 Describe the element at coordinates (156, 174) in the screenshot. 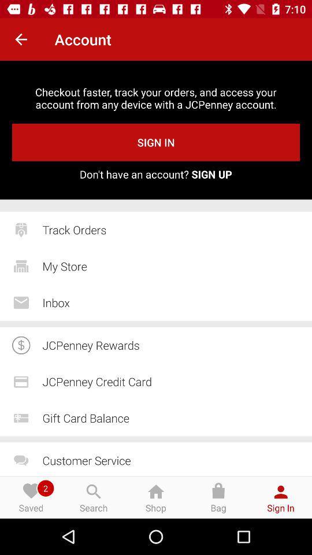

I see `don t have` at that location.